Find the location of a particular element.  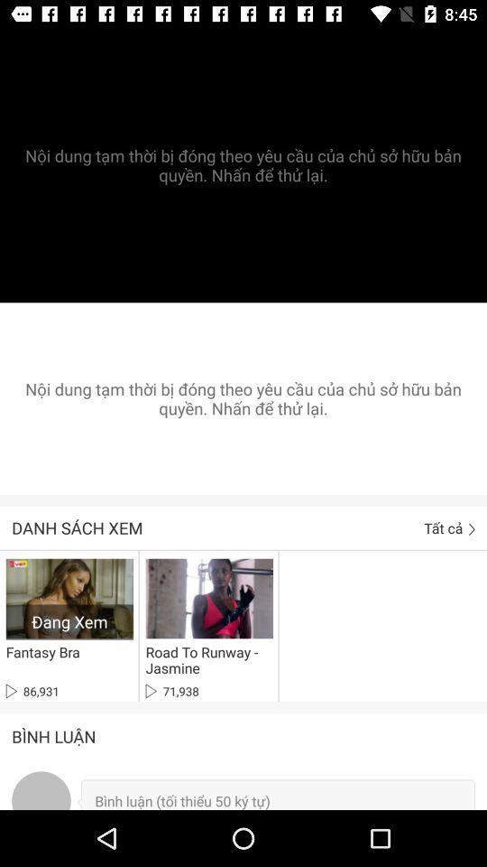

71,938 icon is located at coordinates (172, 690).